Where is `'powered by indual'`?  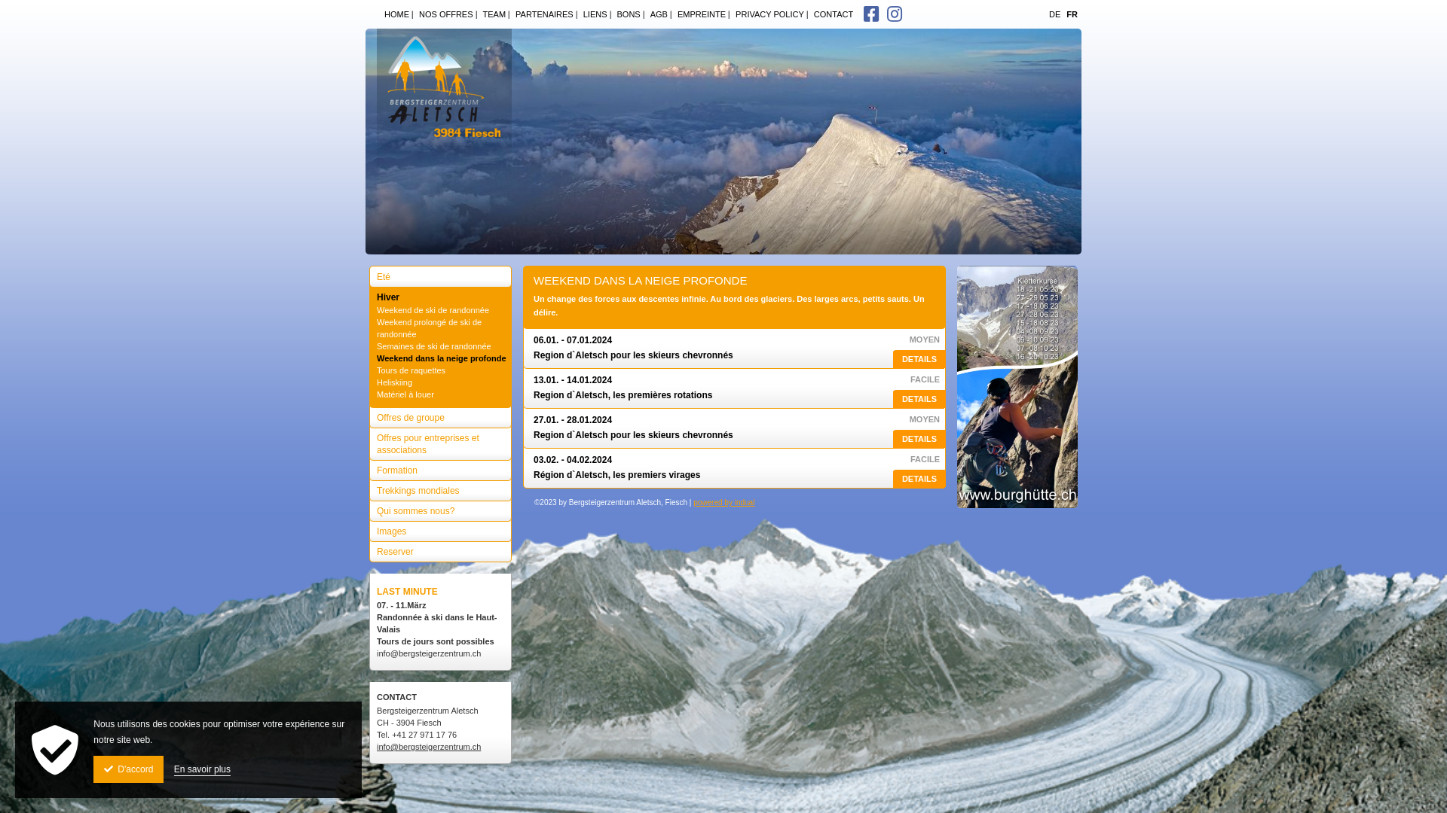
'powered by indual' is located at coordinates (723, 502).